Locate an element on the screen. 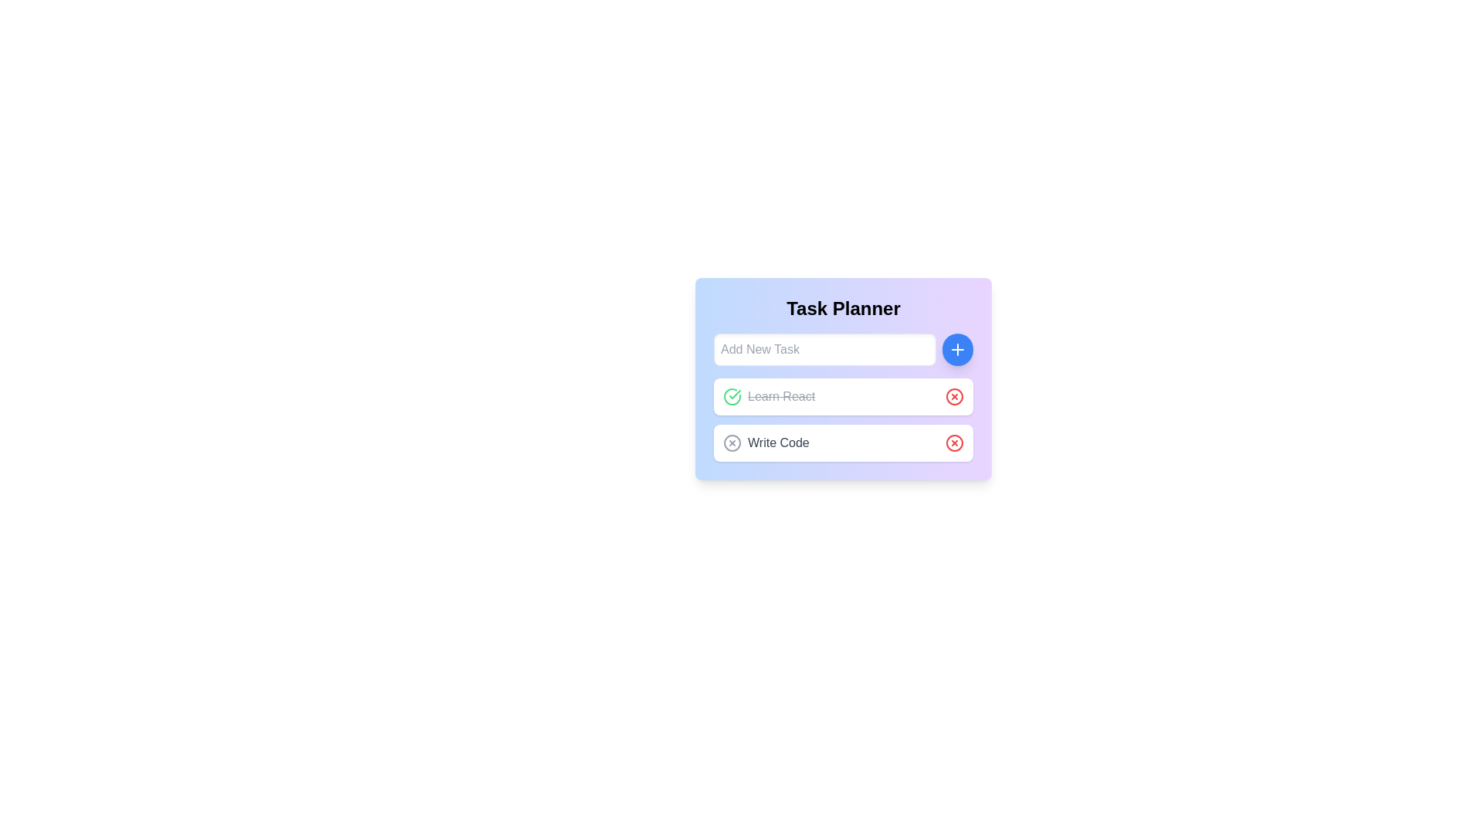  the delete button located at the right end of the 'Write Code' task in the 'Task Planner' section is located at coordinates (954, 443).